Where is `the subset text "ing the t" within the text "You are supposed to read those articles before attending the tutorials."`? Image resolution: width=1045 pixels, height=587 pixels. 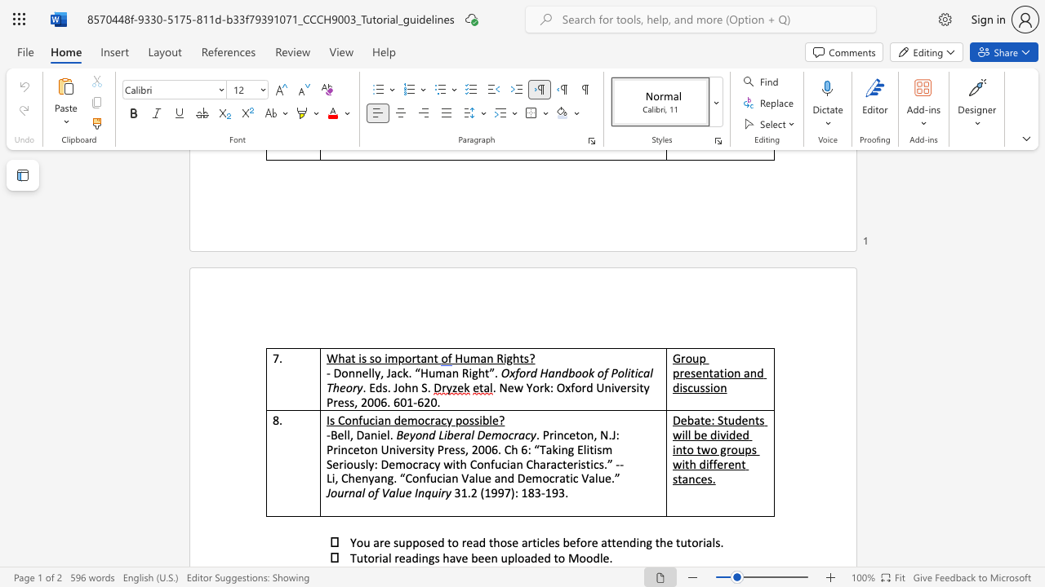
the subset text "ing the t" within the text "You are supposed to read those articles before attending the tutorials." is located at coordinates (635, 542).